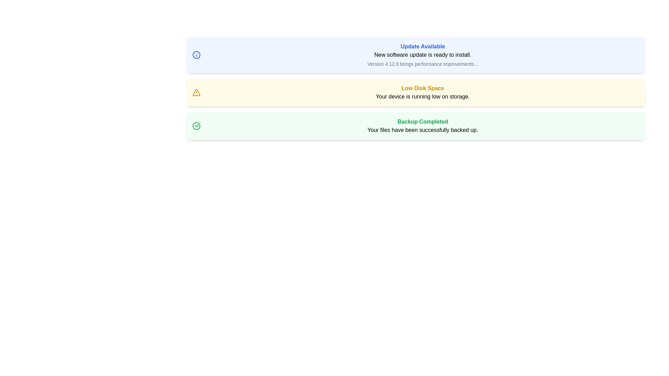 This screenshot has height=376, width=669. Describe the element at coordinates (422, 130) in the screenshot. I see `the static text label that indicates the status message for successful file backup, located below the 'Backup Completed' heading in a light green panel` at that location.